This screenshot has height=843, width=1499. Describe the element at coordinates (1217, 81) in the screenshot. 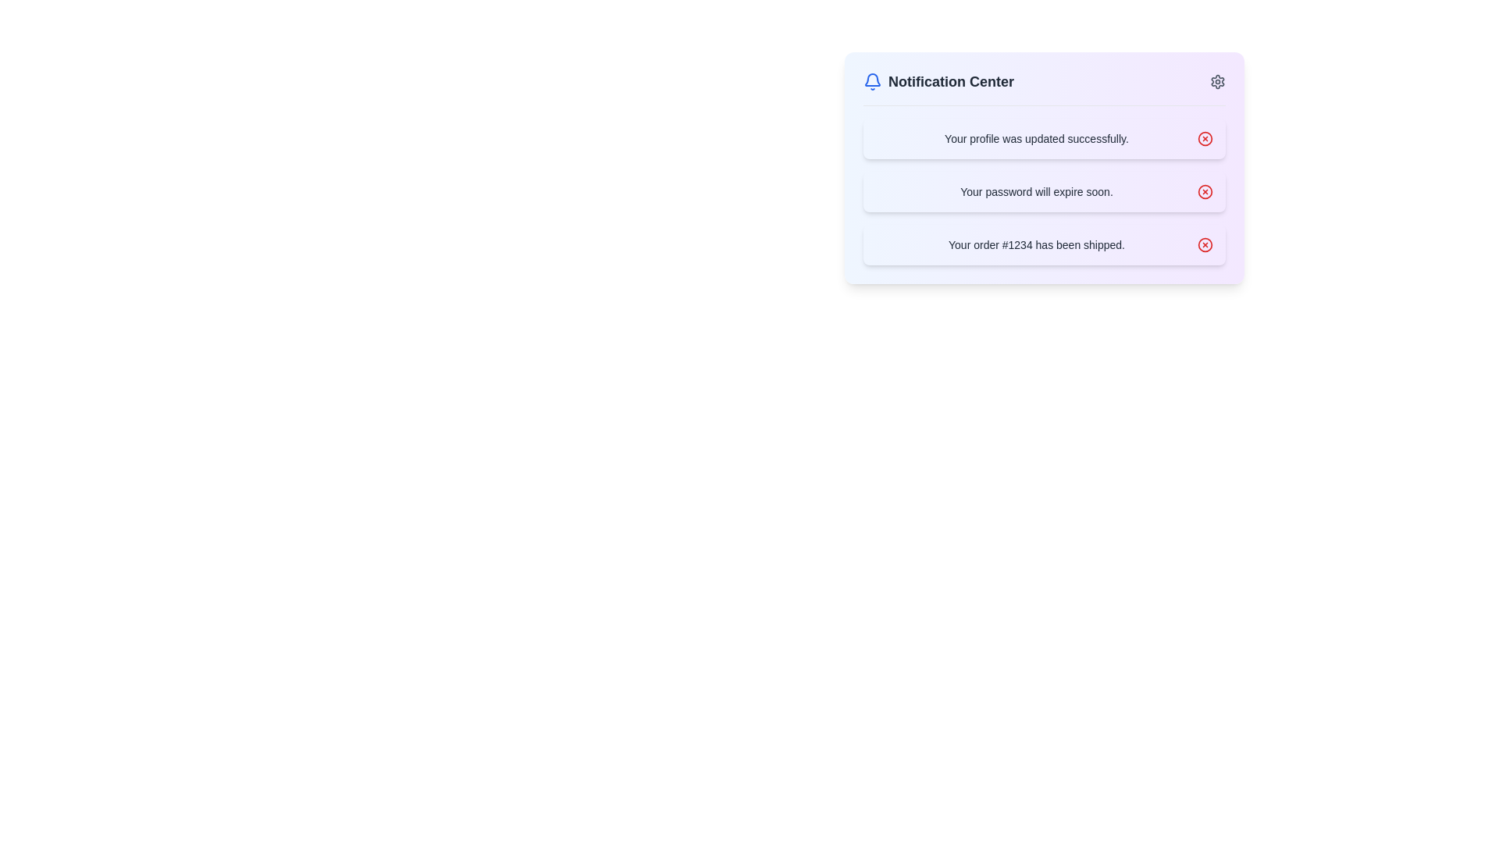

I see `the settings icon button located at the top-right corner of the 'Notification Center'` at that location.